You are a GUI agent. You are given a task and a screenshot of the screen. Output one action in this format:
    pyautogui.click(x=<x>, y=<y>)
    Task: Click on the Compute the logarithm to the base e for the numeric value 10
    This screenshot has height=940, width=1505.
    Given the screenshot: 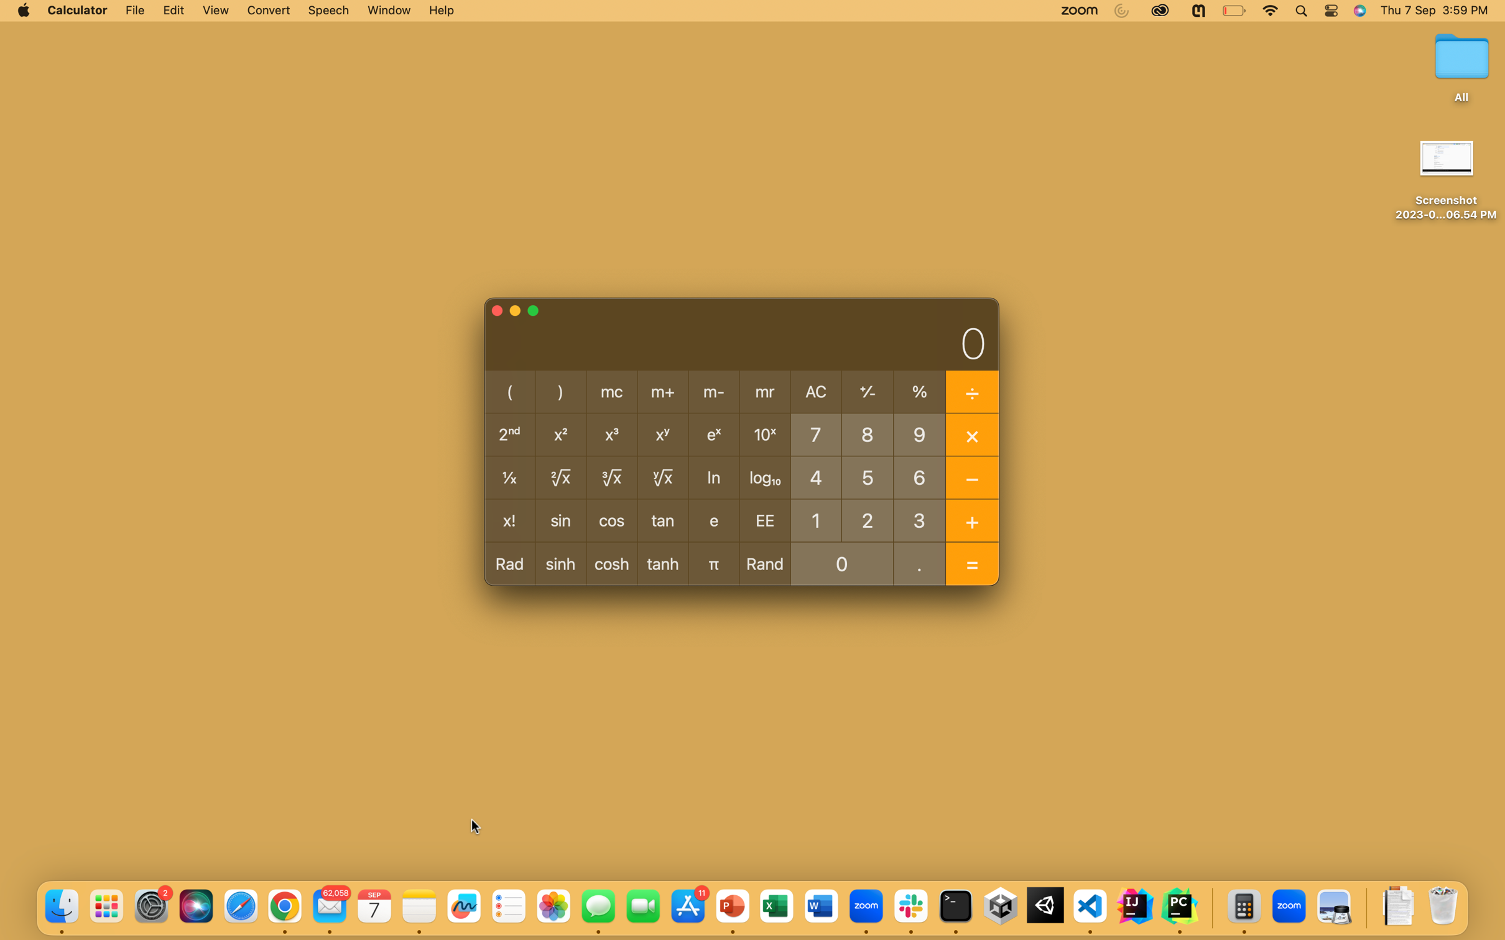 What is the action you would take?
    pyautogui.click(x=815, y=519)
    